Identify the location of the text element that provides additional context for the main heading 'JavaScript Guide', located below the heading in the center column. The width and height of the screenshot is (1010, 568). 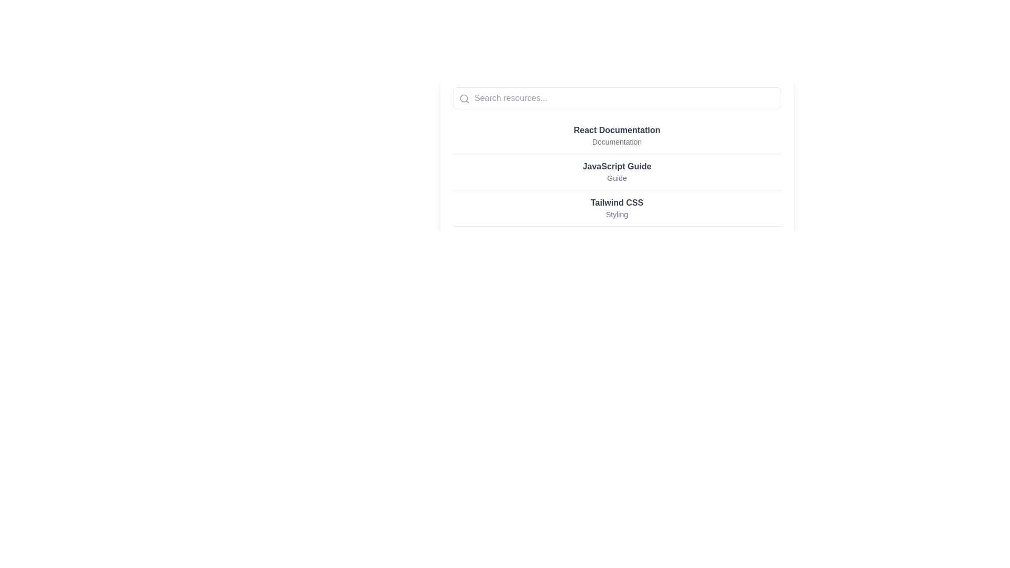
(617, 178).